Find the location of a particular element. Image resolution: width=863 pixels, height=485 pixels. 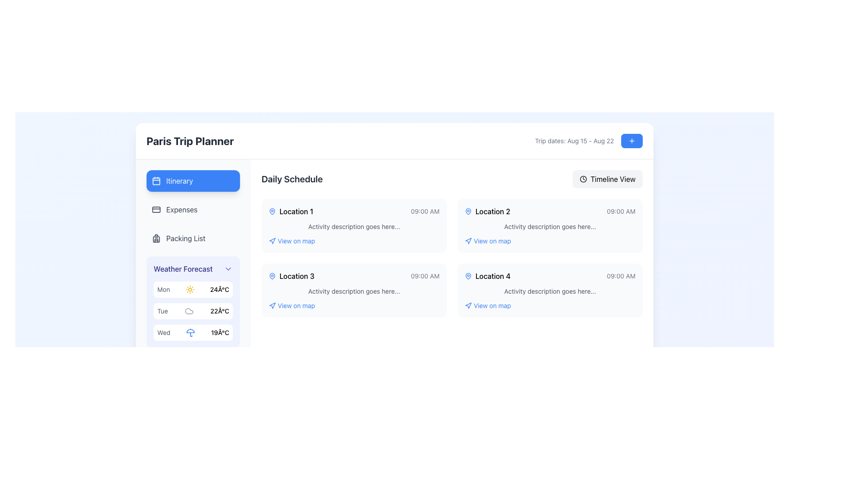

the information display element that provides details about a specific event or location in the itinerary, located at the top-left corner of the daily schedule grid is located at coordinates (353, 211).